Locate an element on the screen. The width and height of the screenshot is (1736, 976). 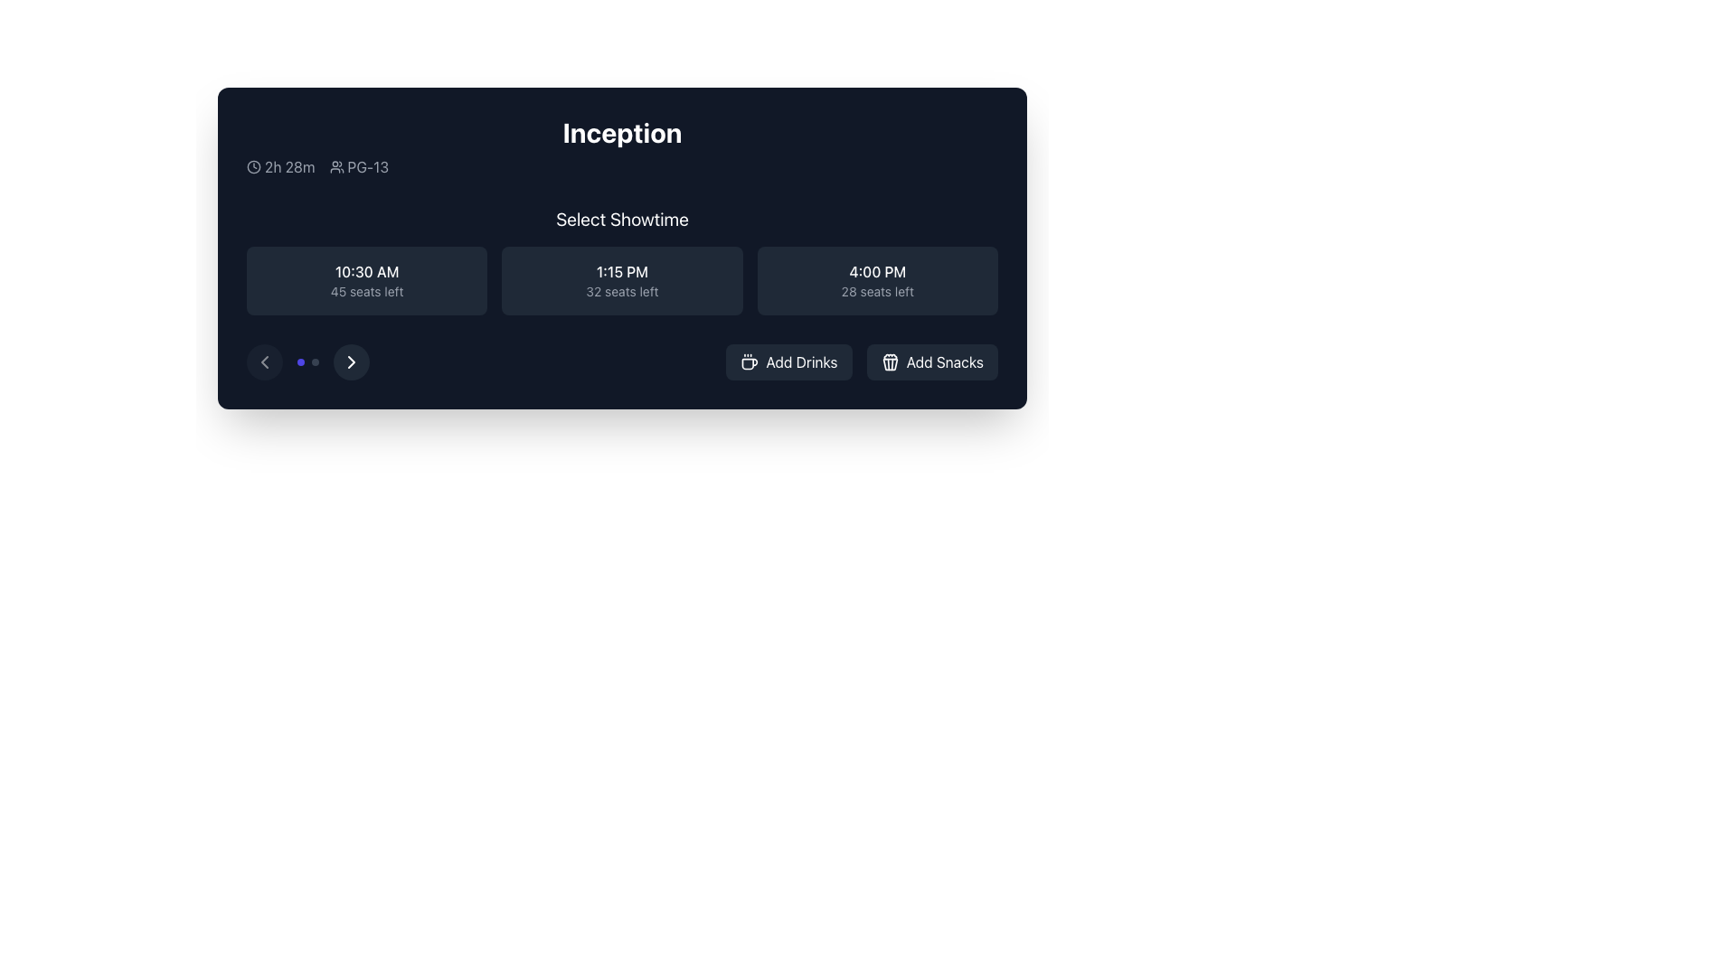
the 'Add Drinks' button which contains the minimalist coffee cup icon on its left side is located at coordinates (750, 362).